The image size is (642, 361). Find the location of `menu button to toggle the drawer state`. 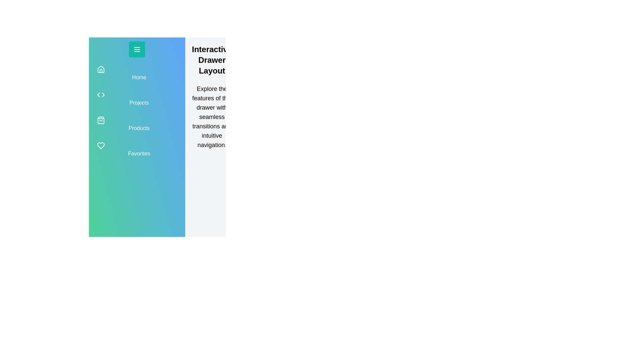

menu button to toggle the drawer state is located at coordinates (136, 49).